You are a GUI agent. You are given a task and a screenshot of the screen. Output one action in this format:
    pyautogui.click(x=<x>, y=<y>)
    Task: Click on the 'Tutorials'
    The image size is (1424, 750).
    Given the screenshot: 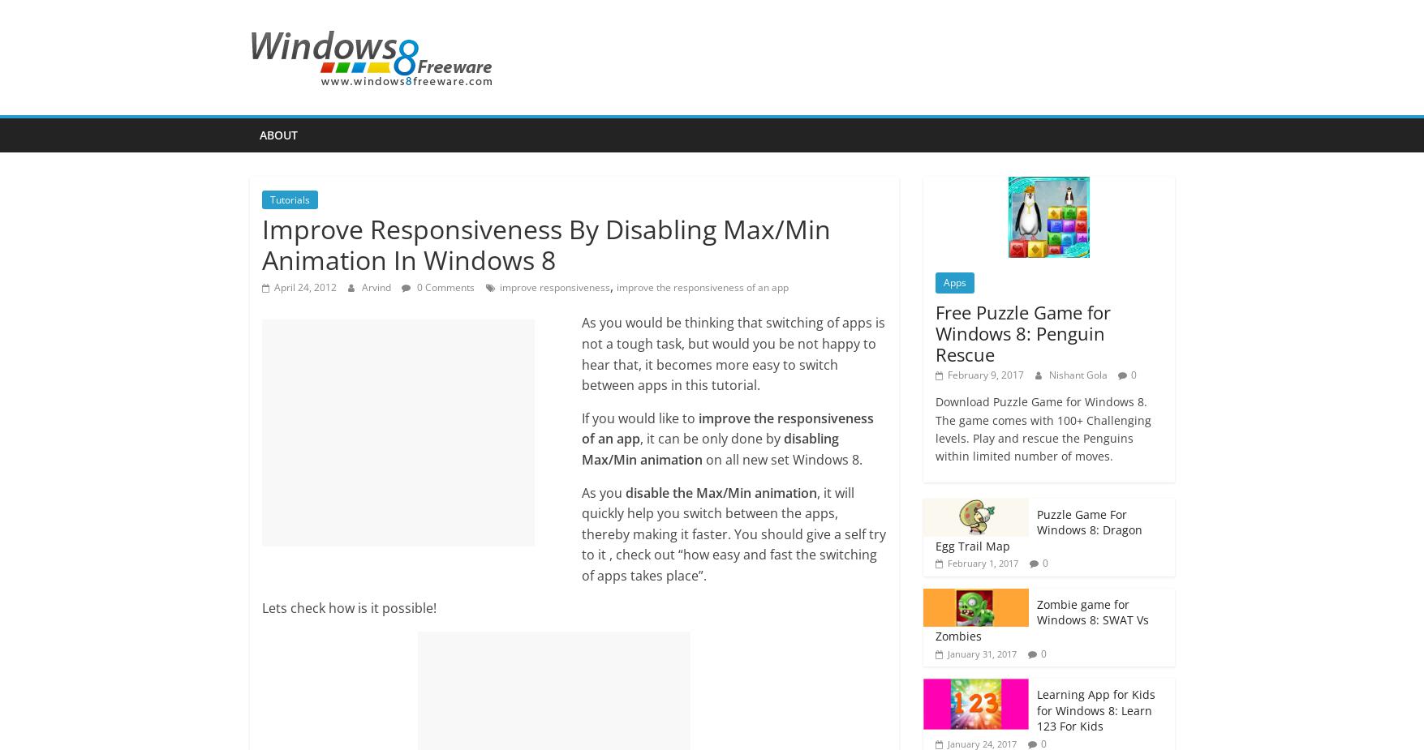 What is the action you would take?
    pyautogui.click(x=288, y=199)
    